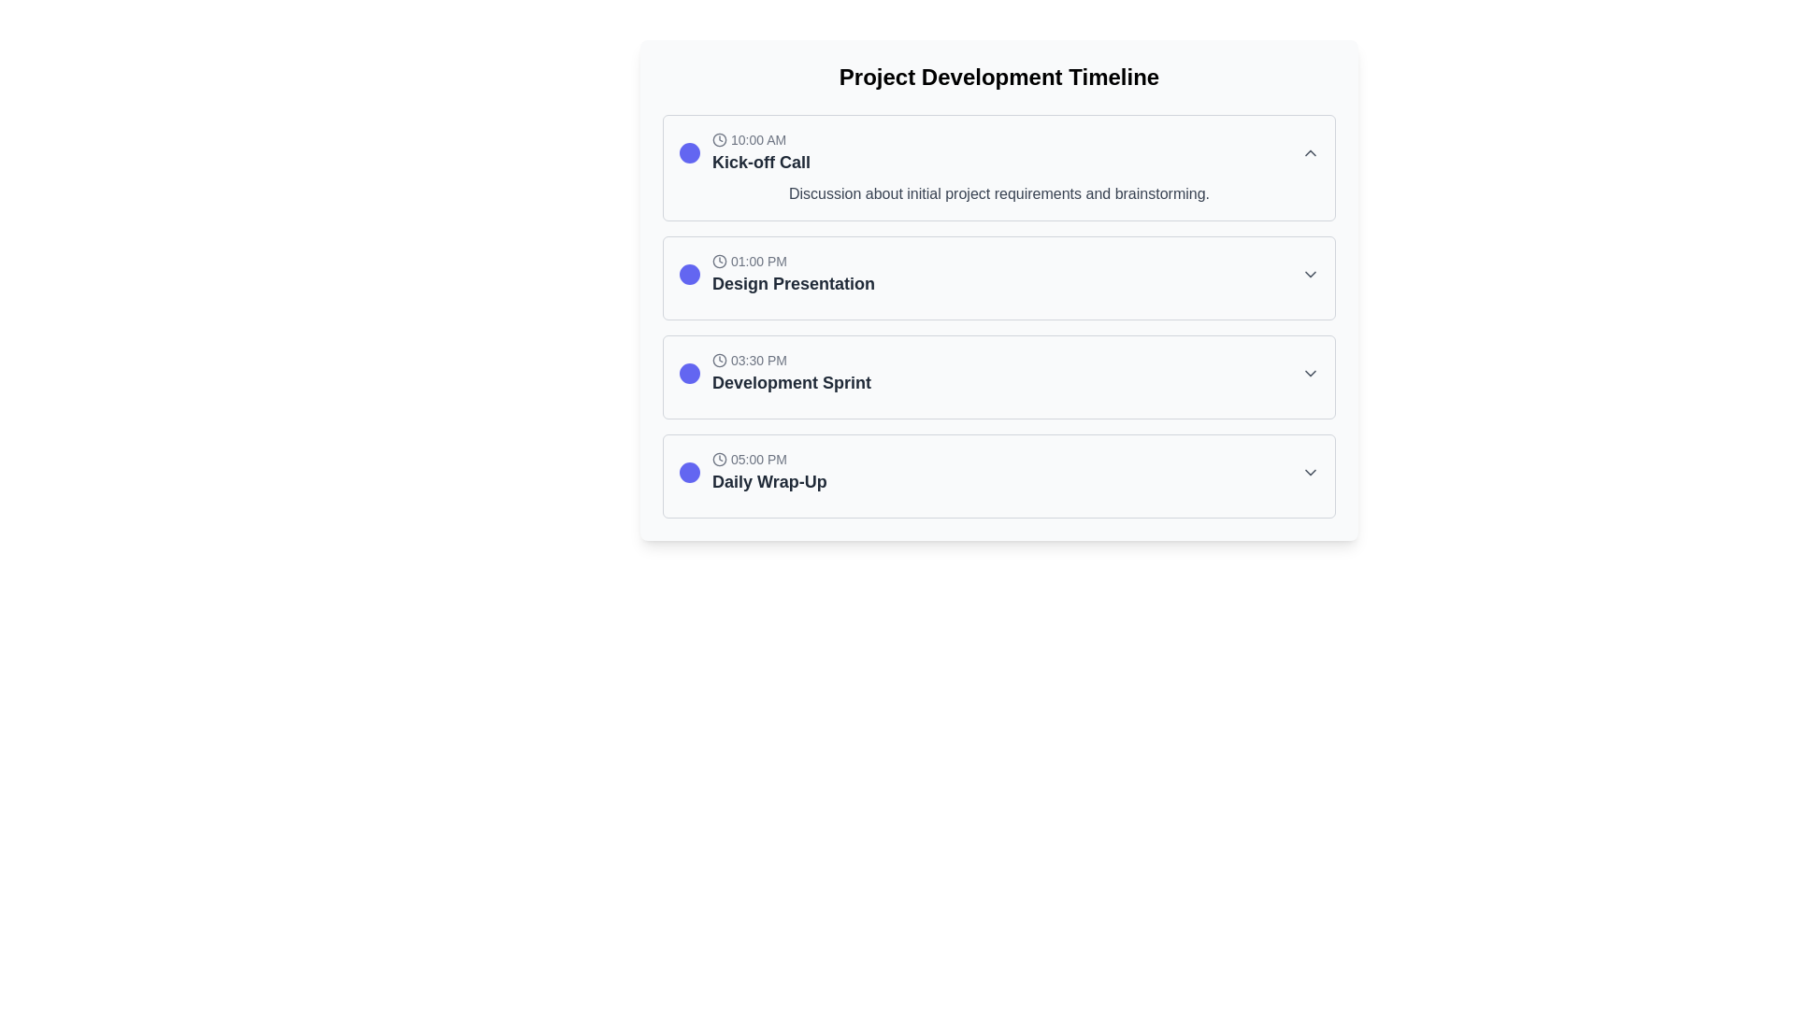  I want to click on the Composite Text Element representing the scheduled event 'Kick-off Call' at 10:00 AM, which is the first entry in the vertical list of events, so click(761, 152).